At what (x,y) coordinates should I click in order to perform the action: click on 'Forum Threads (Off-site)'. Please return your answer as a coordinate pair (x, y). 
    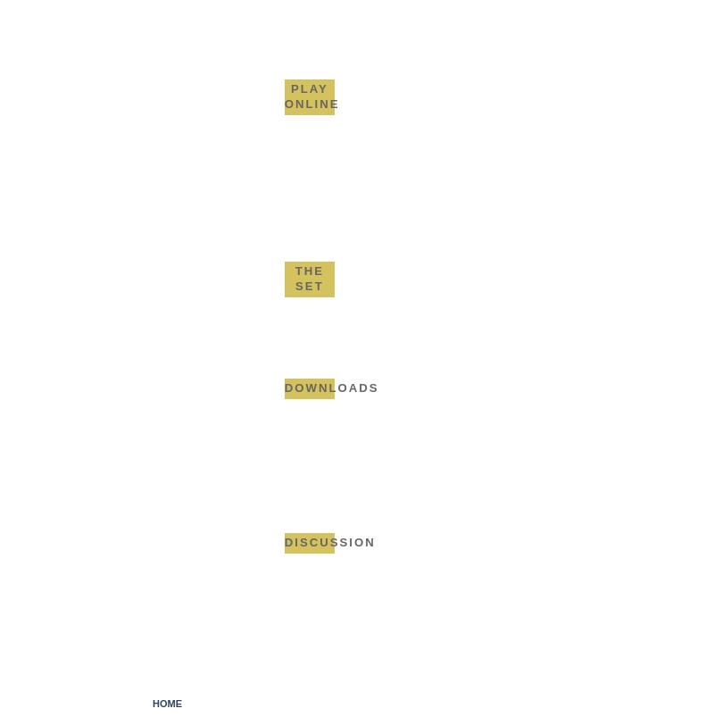
    Looking at the image, I should click on (337, 582).